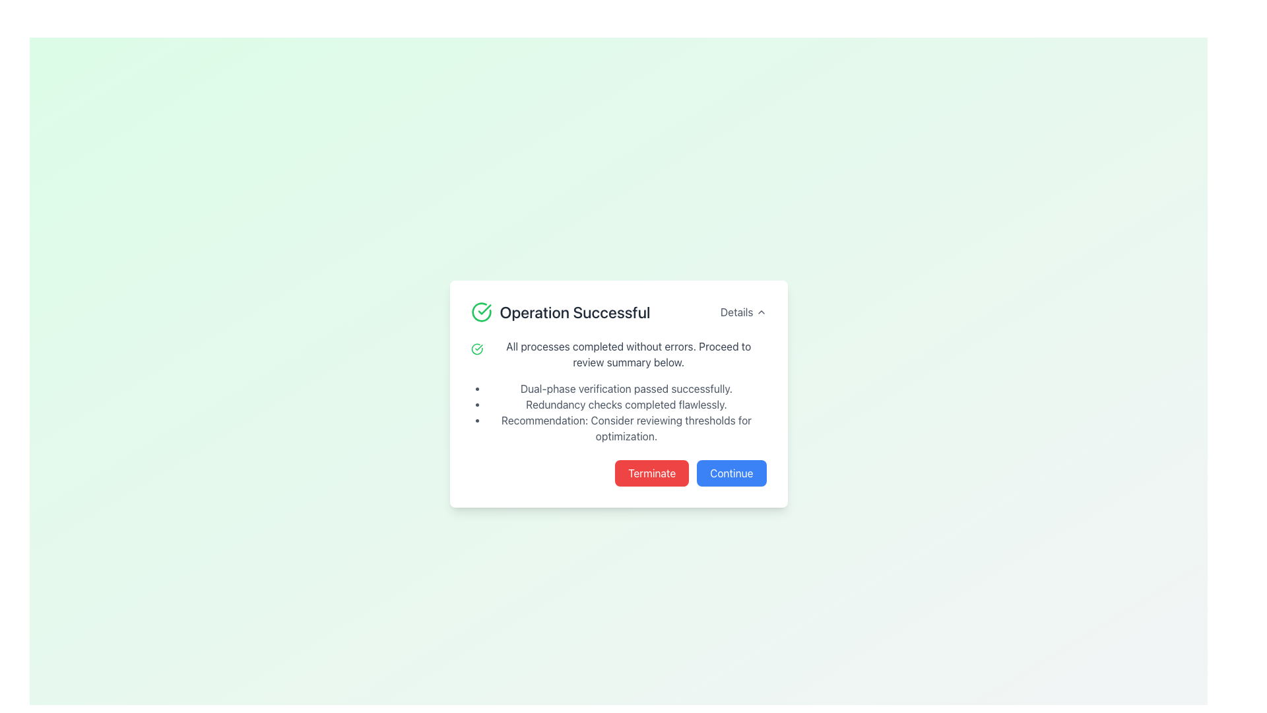  Describe the element at coordinates (575, 312) in the screenshot. I see `the text element displaying 'Operation Successful', which is a large and bold headline indicating a successful operation, located near the top of a modal` at that location.